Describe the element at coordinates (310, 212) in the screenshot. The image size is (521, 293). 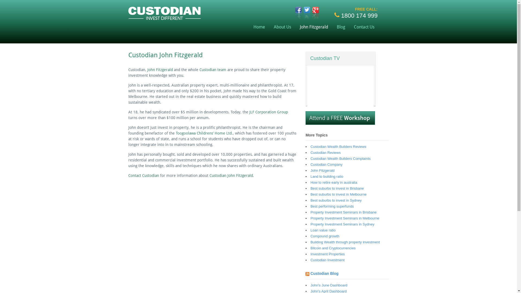
I see `'Property Investment Seminars in Brisbane'` at that location.